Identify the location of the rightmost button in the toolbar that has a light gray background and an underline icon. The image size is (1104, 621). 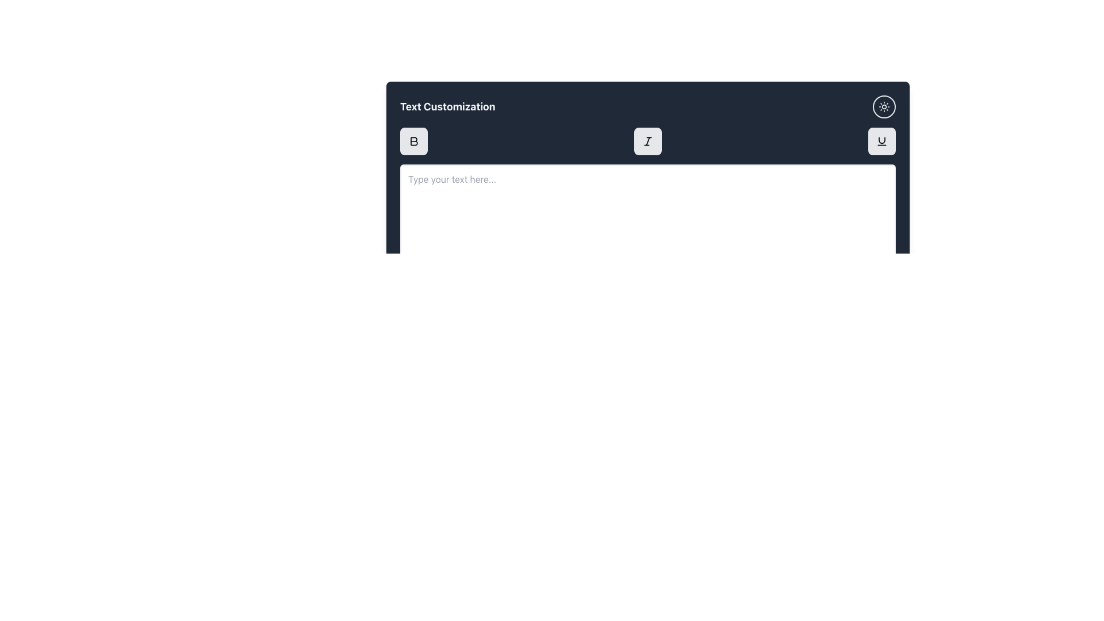
(881, 141).